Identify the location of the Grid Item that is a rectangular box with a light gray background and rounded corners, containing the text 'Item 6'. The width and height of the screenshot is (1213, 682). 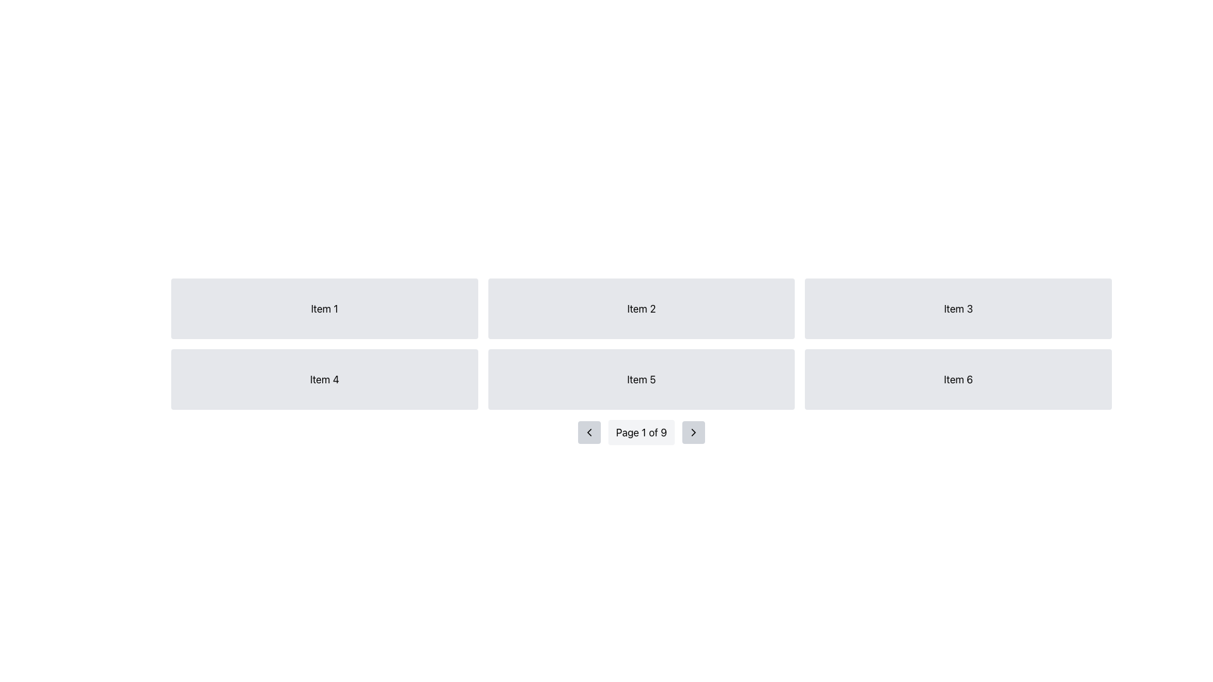
(958, 379).